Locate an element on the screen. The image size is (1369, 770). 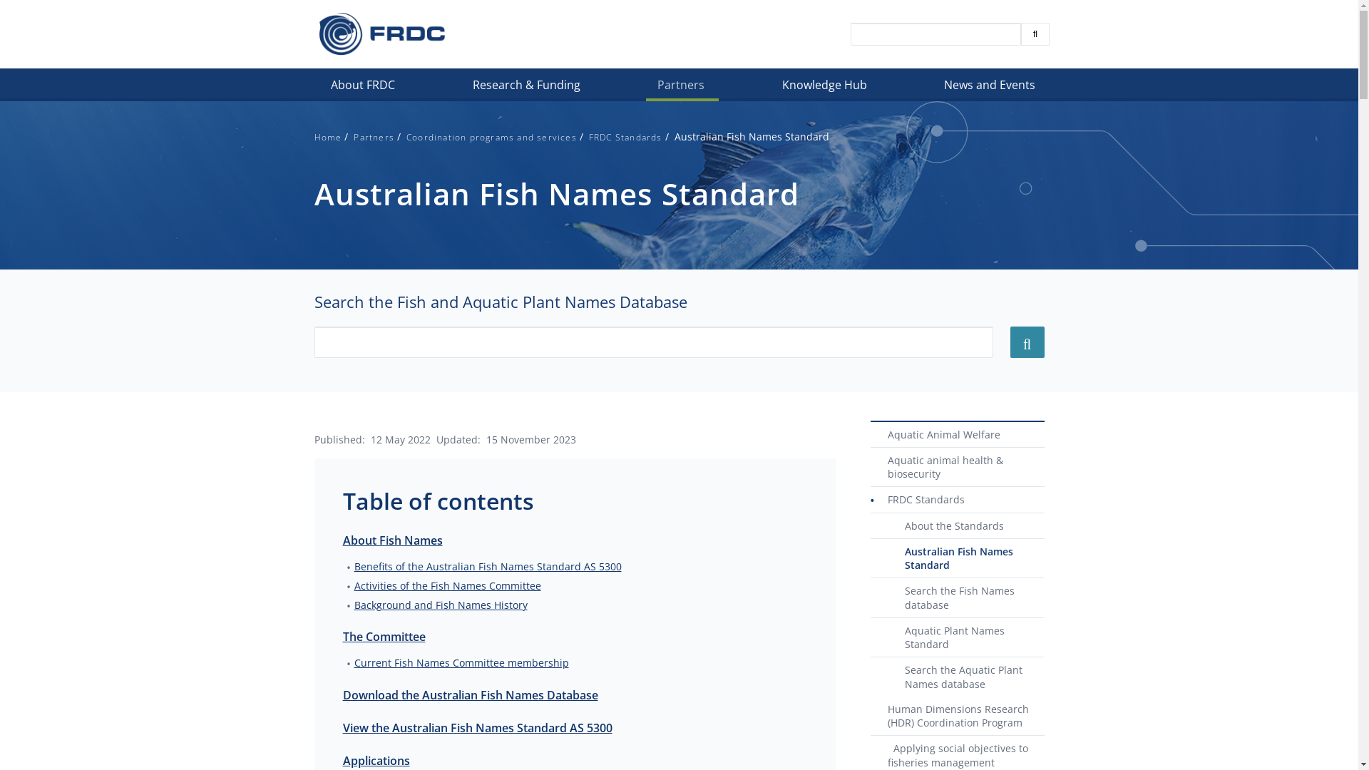
'Partners' is located at coordinates (374, 137).